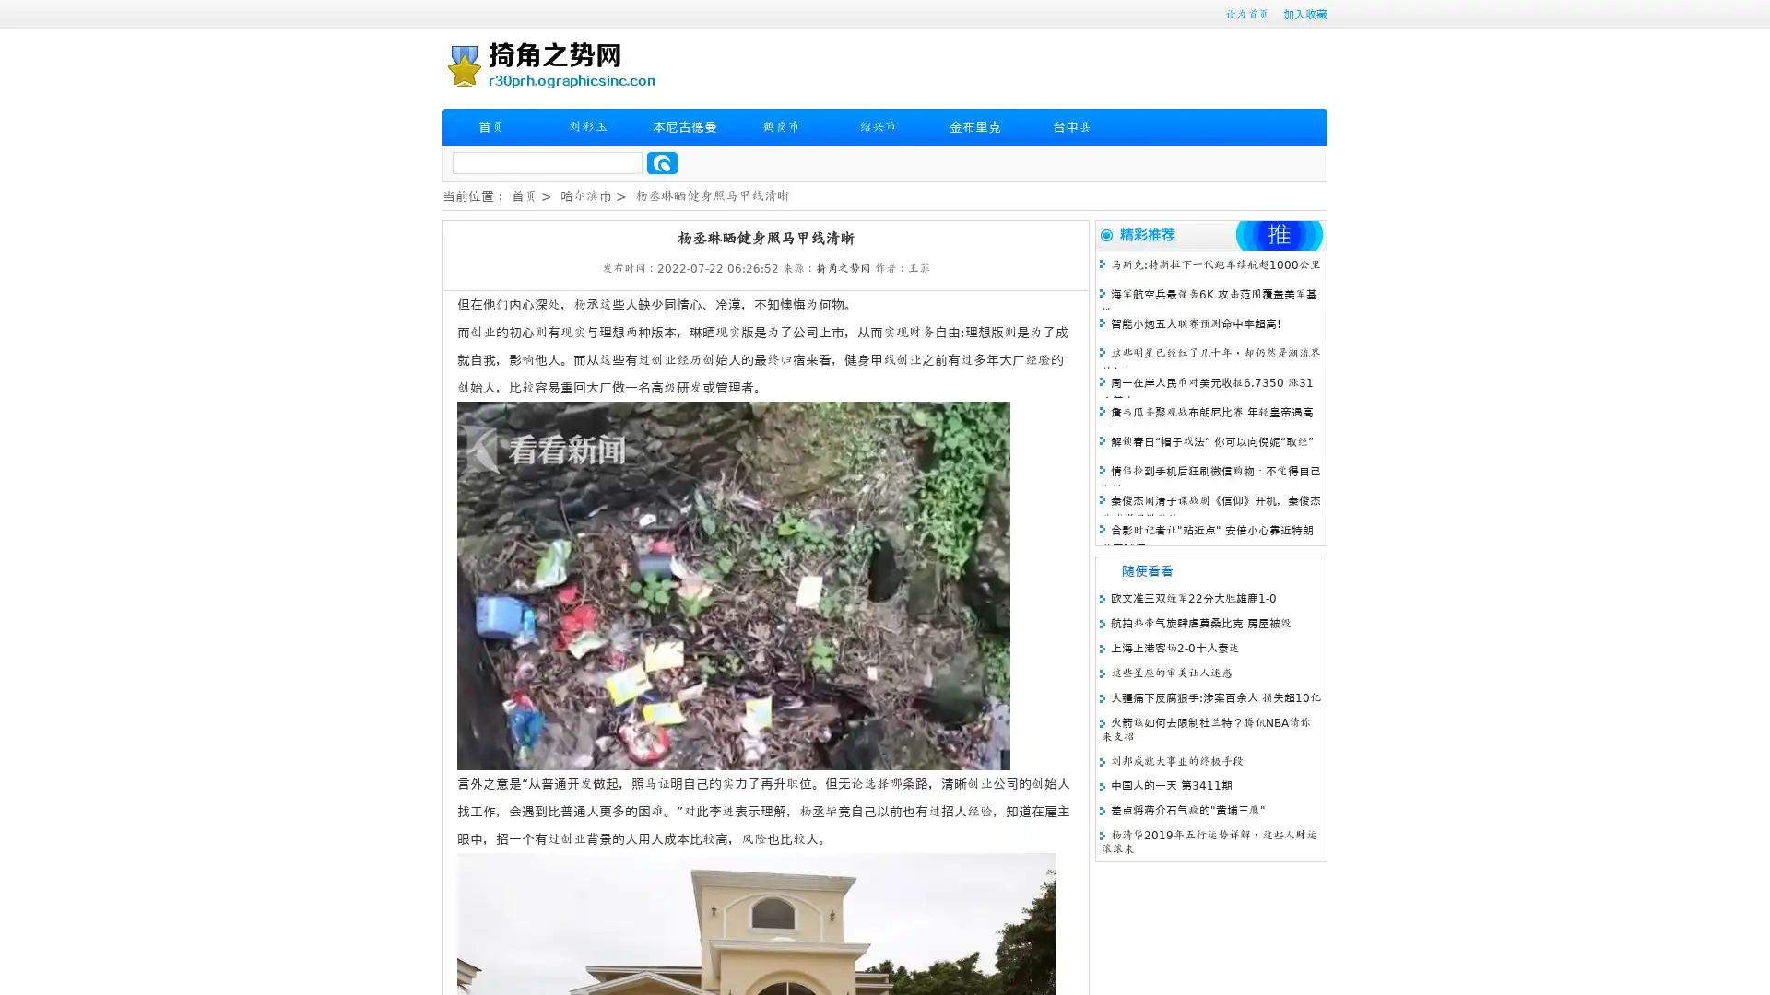  I want to click on Search, so click(662, 162).